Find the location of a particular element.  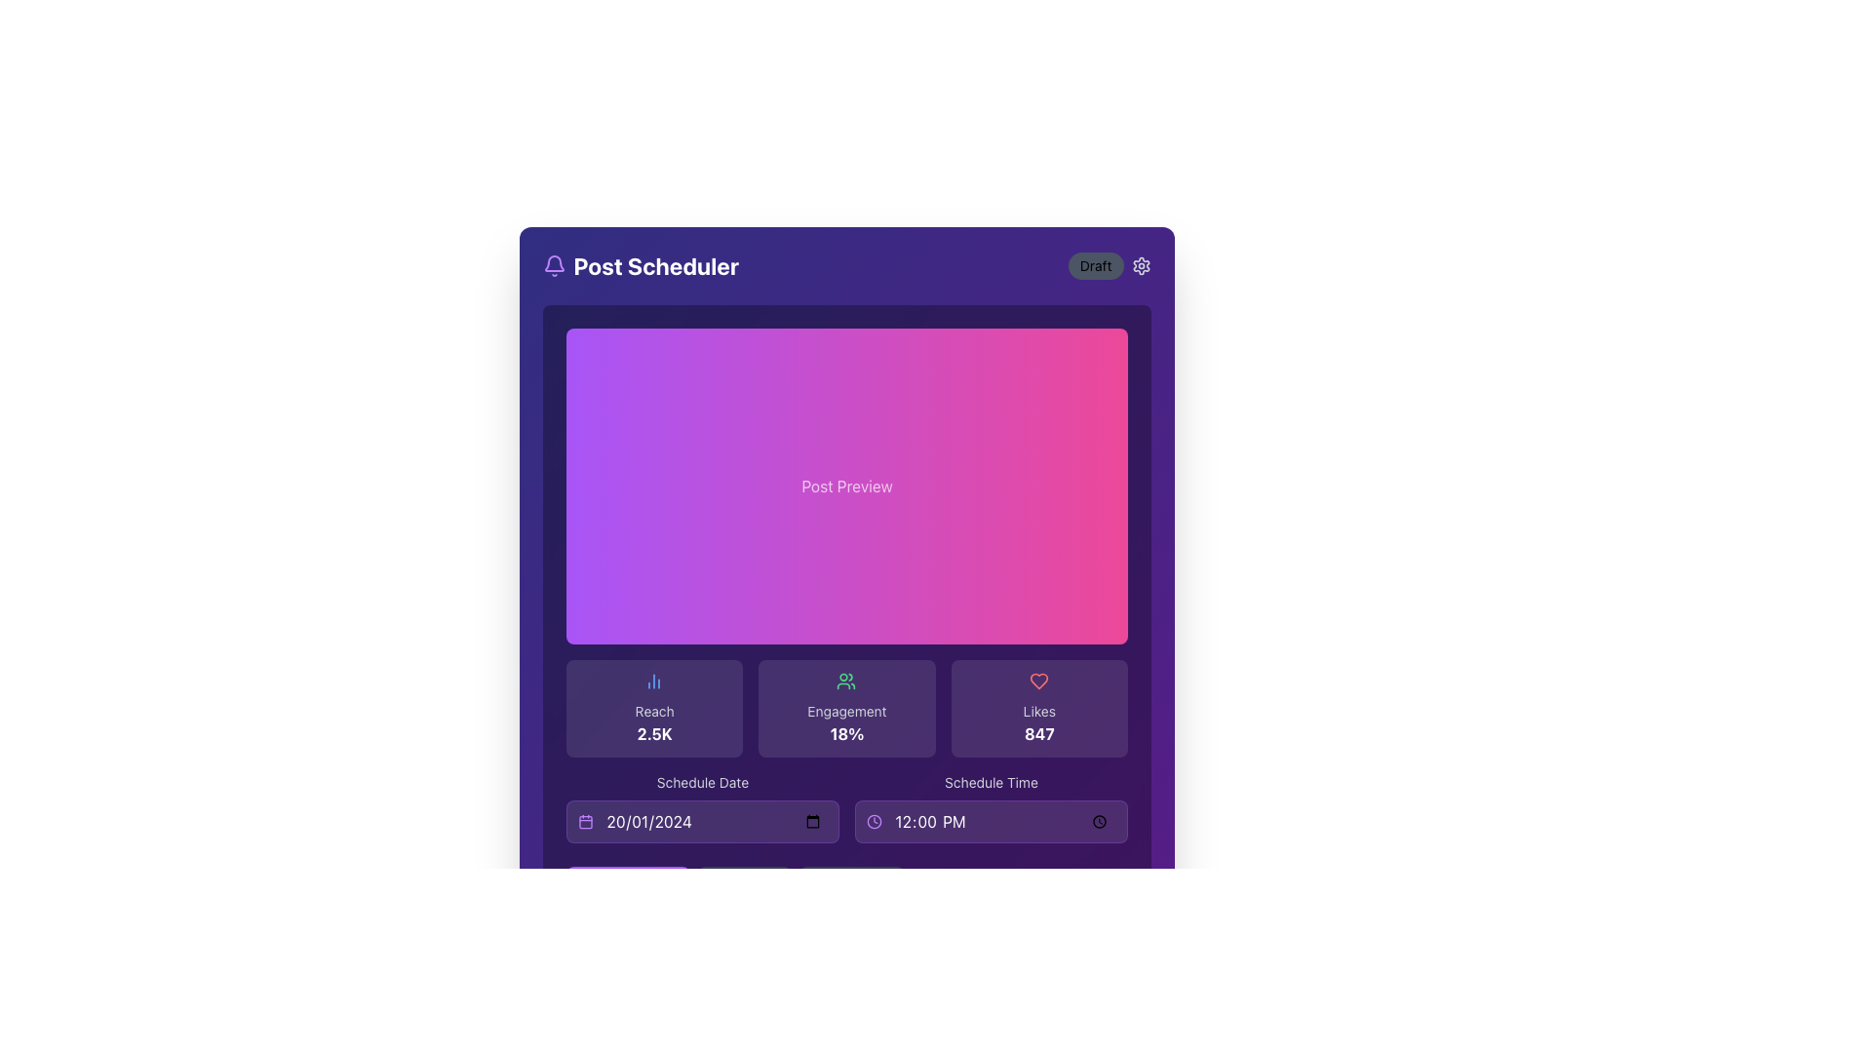

the 'Post Preview' text label, which is centrally positioned within a rounded rectangular box against a gradient background transitioning from purple to pink is located at coordinates (846, 485).